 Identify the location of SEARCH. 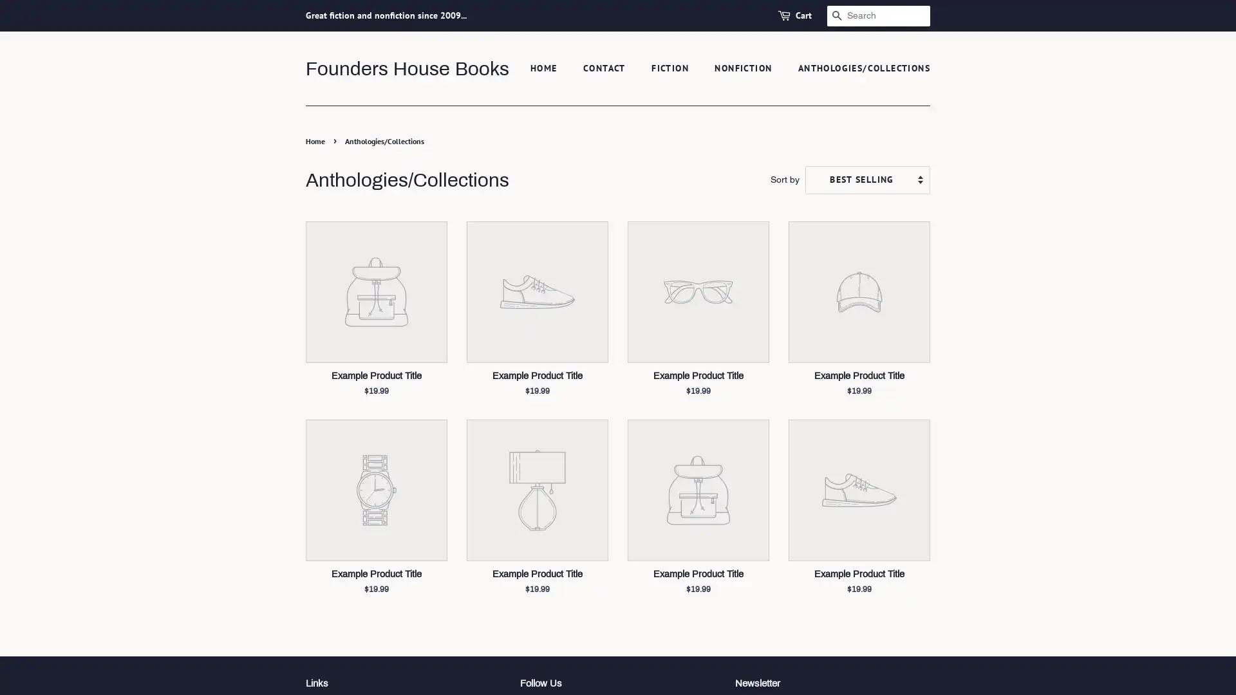
(837, 15).